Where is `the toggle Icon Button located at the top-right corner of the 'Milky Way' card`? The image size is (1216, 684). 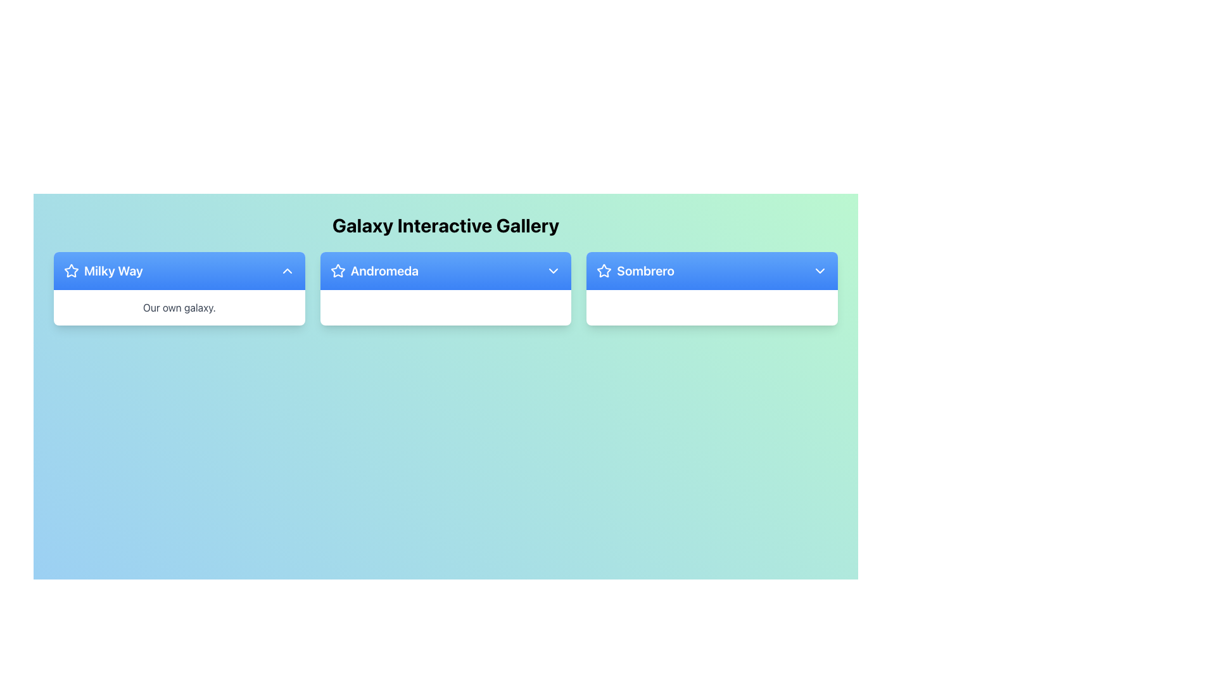 the toggle Icon Button located at the top-right corner of the 'Milky Way' card is located at coordinates (286, 270).